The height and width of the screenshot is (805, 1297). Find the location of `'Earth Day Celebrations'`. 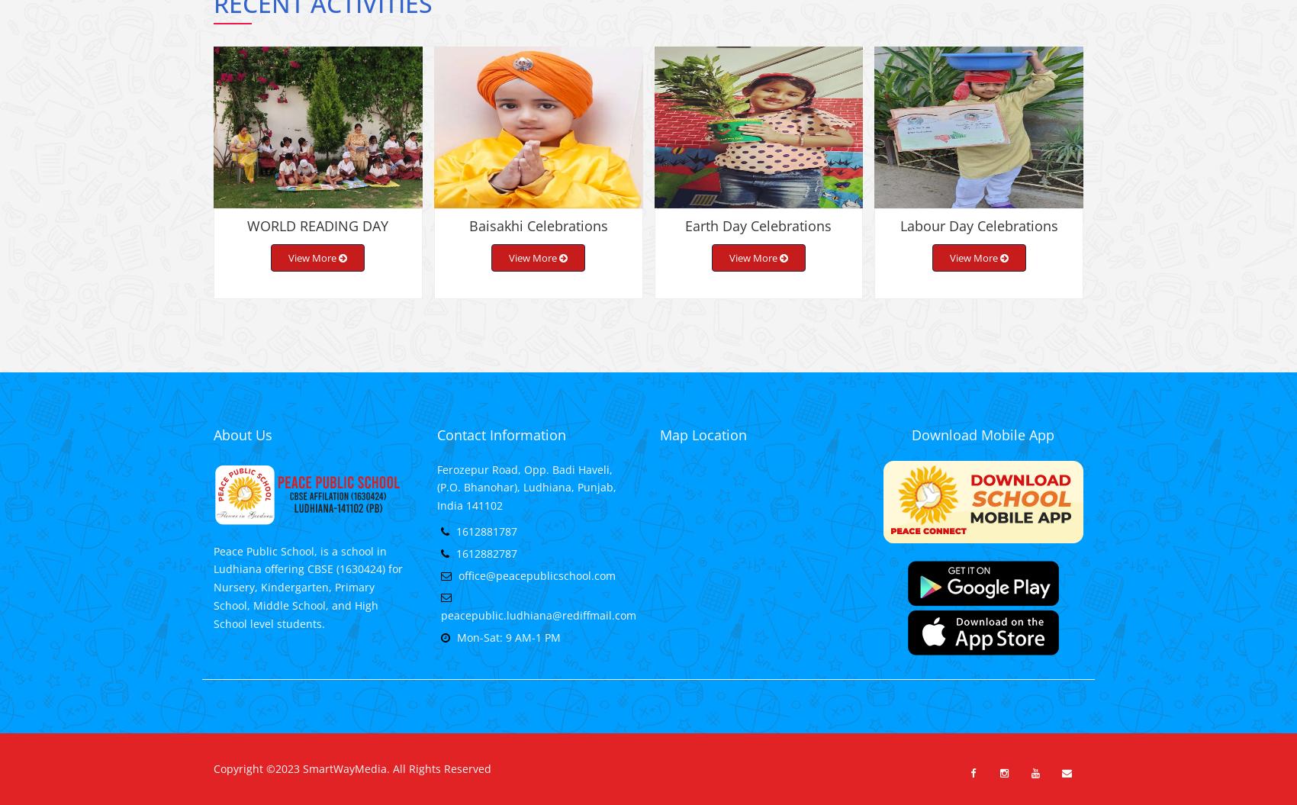

'Earth Day Celebrations' is located at coordinates (757, 237).